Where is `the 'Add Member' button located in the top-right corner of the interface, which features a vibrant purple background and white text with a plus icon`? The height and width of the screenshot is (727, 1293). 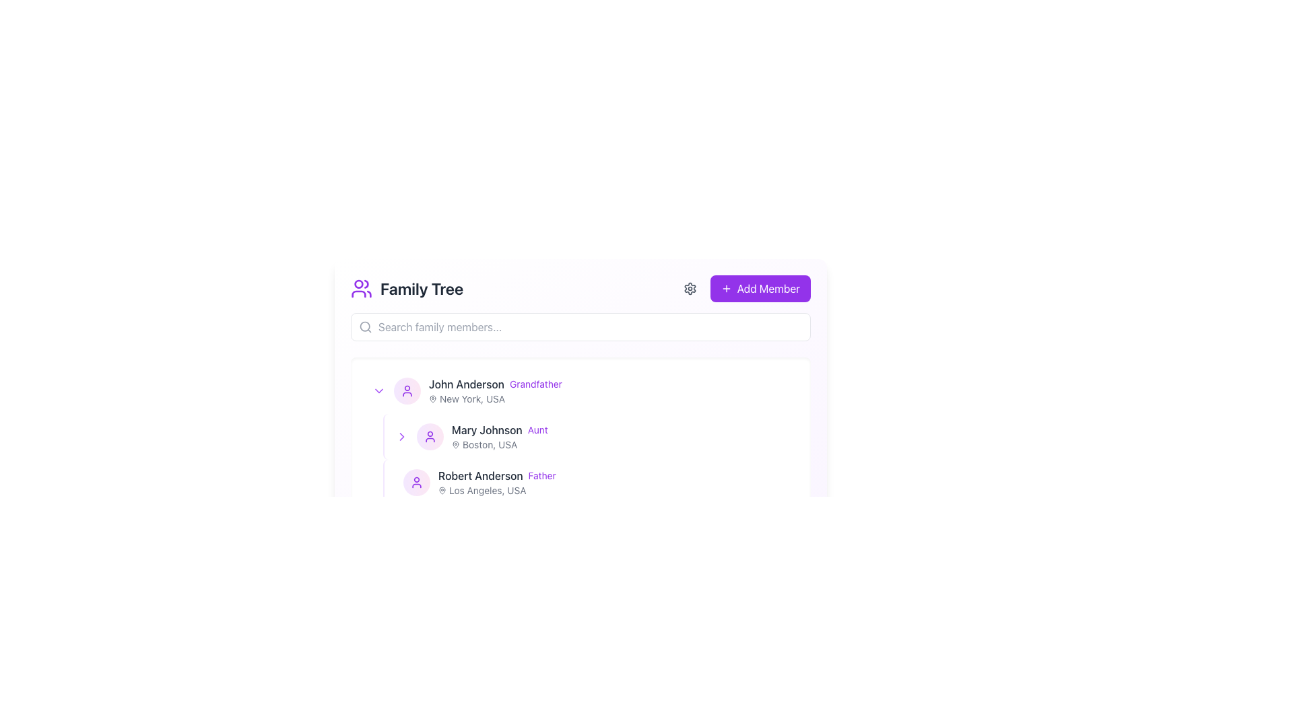 the 'Add Member' button located in the top-right corner of the interface, which features a vibrant purple background and white text with a plus icon is located at coordinates (760, 287).